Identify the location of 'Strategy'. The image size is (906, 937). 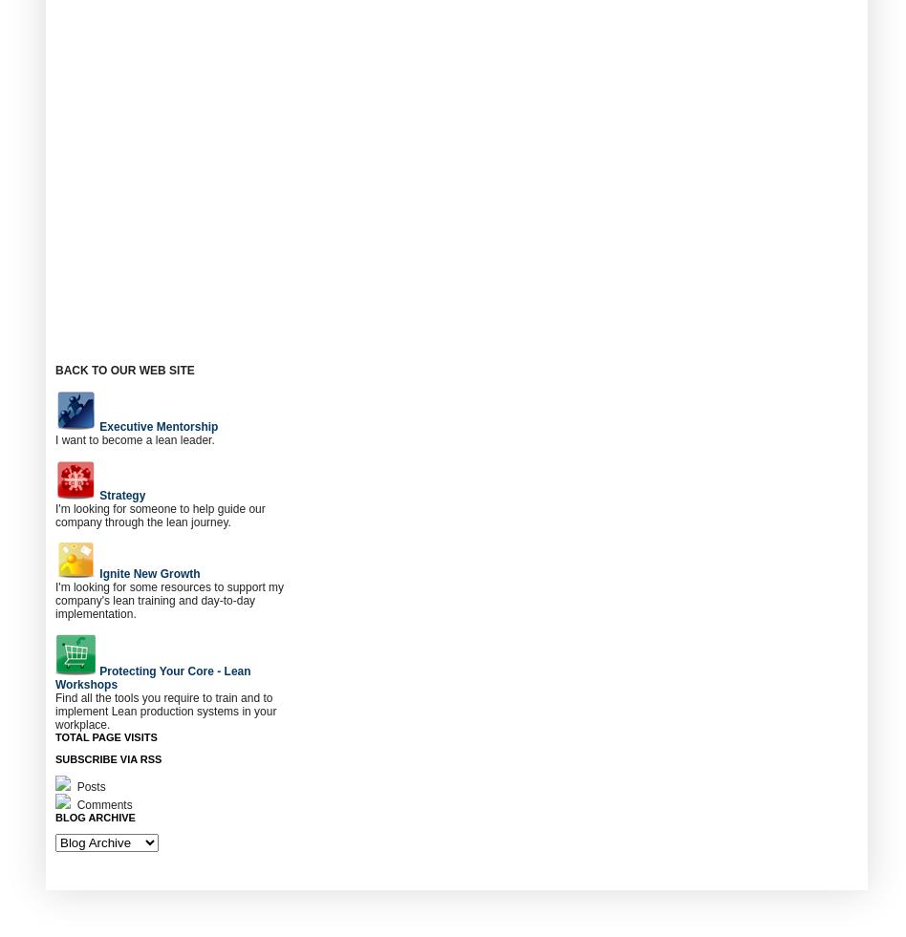
(120, 496).